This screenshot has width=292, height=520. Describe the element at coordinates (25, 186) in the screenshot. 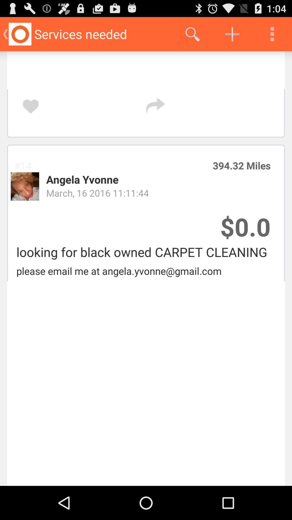

I see `the image below 14` at that location.